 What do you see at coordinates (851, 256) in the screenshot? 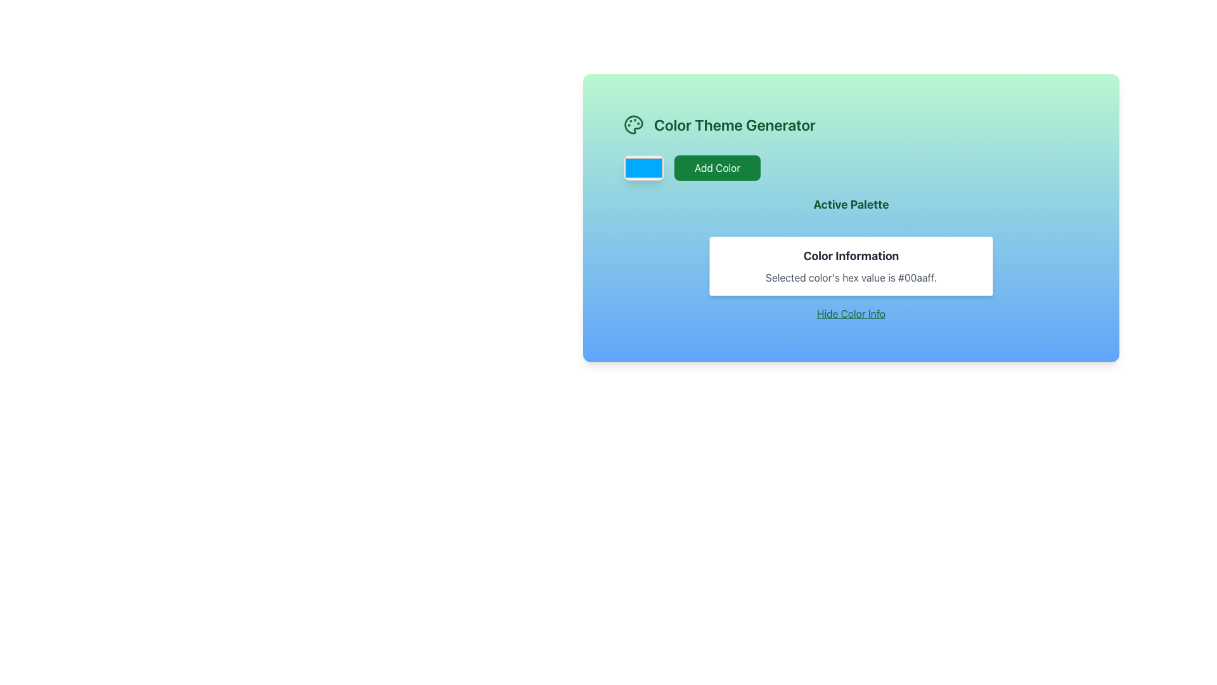
I see `the text label reading 'Color Information', which is styled with a bold font, larger text size, and colored dark gray, positioned prominently as a header above descriptive text` at bounding box center [851, 256].